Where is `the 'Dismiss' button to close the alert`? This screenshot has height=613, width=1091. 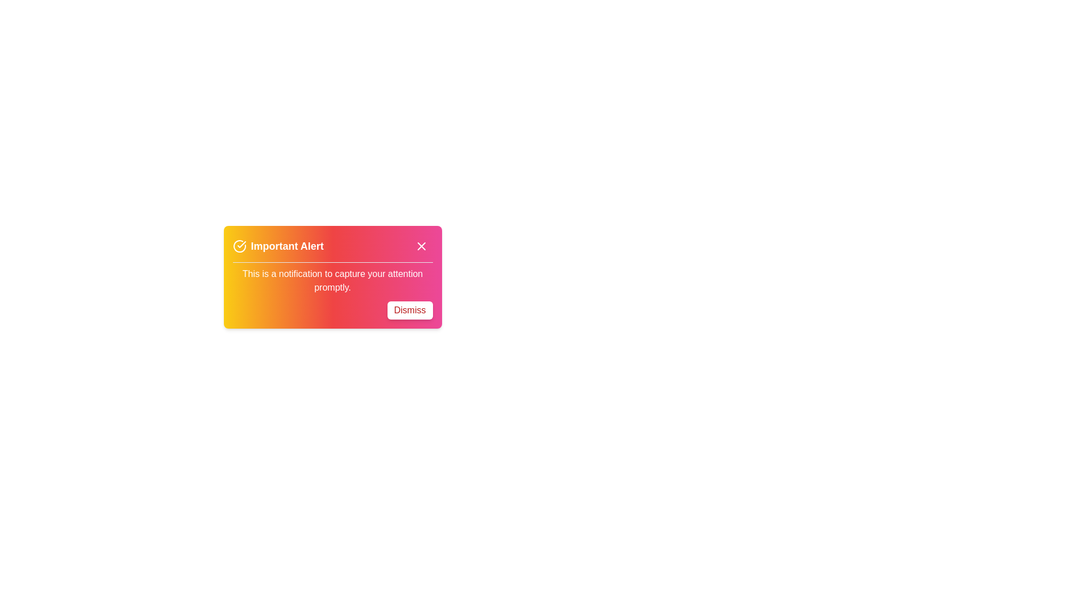
the 'Dismiss' button to close the alert is located at coordinates (409, 310).